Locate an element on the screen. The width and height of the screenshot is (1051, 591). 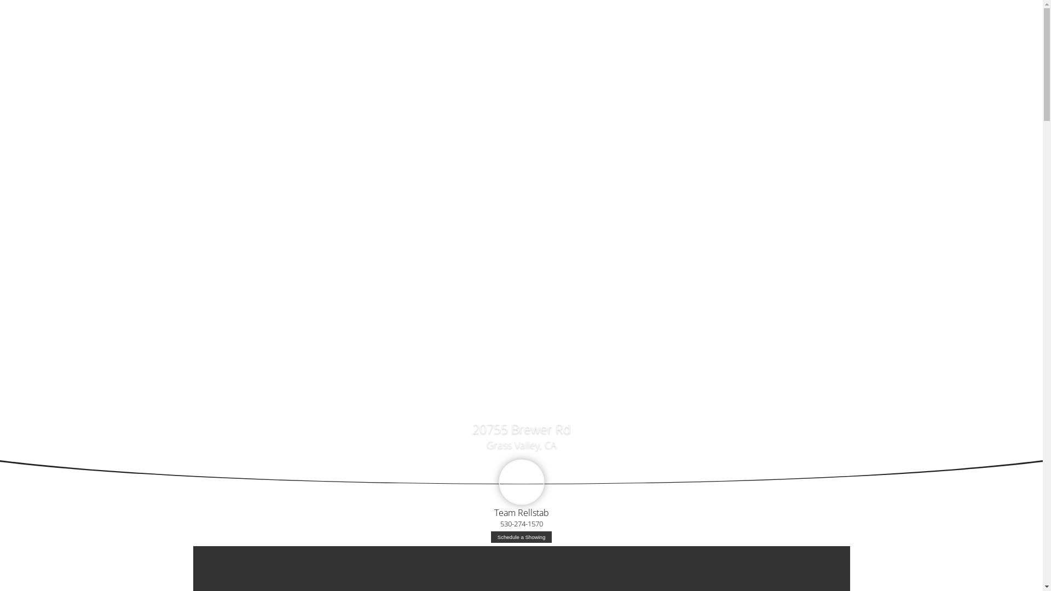
'Schedule a Showing' is located at coordinates (521, 536).